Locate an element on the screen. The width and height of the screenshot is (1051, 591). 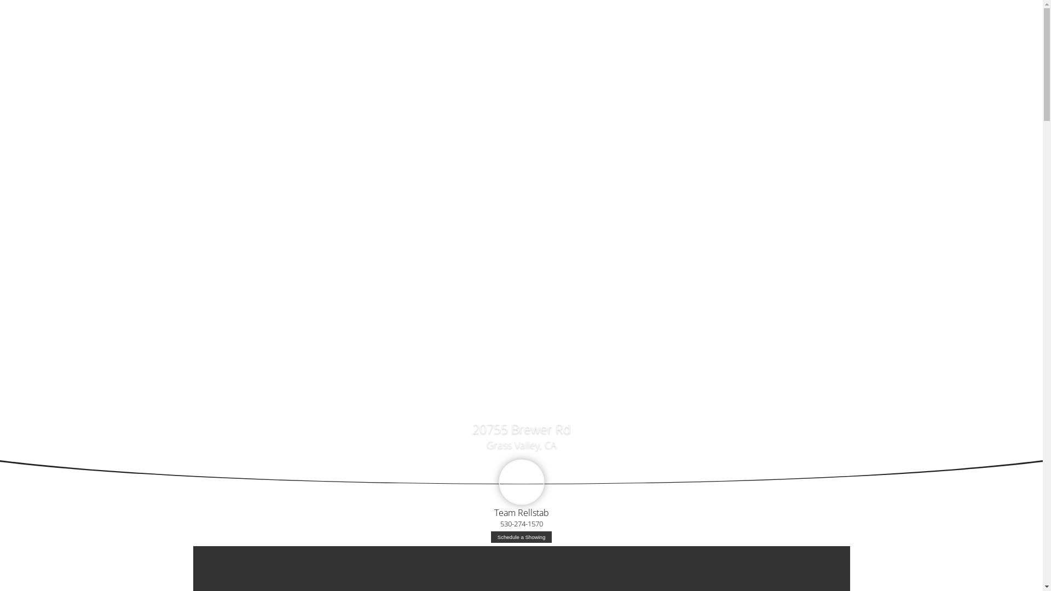
'Schedule a Showing' is located at coordinates (521, 536).